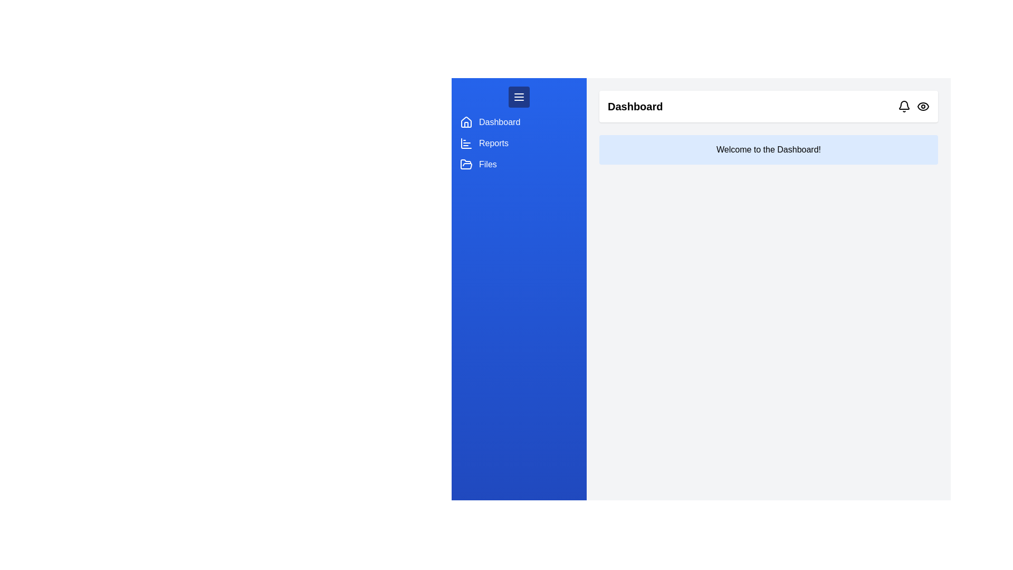  Describe the element at coordinates (635, 106) in the screenshot. I see `the text label indicating the current active section of the application, located in the center-left of the header bar` at that location.